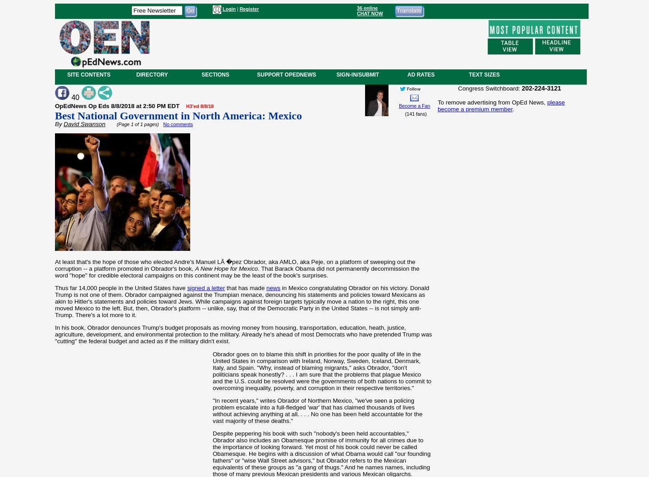  I want to click on 'At least that's the hope of those who elected Andre's Manuel LÃ �pez Obrador, aka AMLO, aka Peje, on a platform of sweeping out the corruption -- a platform promoted in Obrador's book,', so click(234, 264).